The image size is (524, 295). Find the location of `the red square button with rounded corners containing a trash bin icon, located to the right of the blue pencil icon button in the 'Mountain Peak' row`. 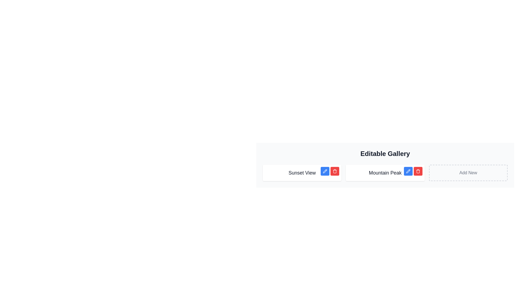

the red square button with rounded corners containing a trash bin icon, located to the right of the blue pencil icon button in the 'Mountain Peak' row is located at coordinates (418, 171).